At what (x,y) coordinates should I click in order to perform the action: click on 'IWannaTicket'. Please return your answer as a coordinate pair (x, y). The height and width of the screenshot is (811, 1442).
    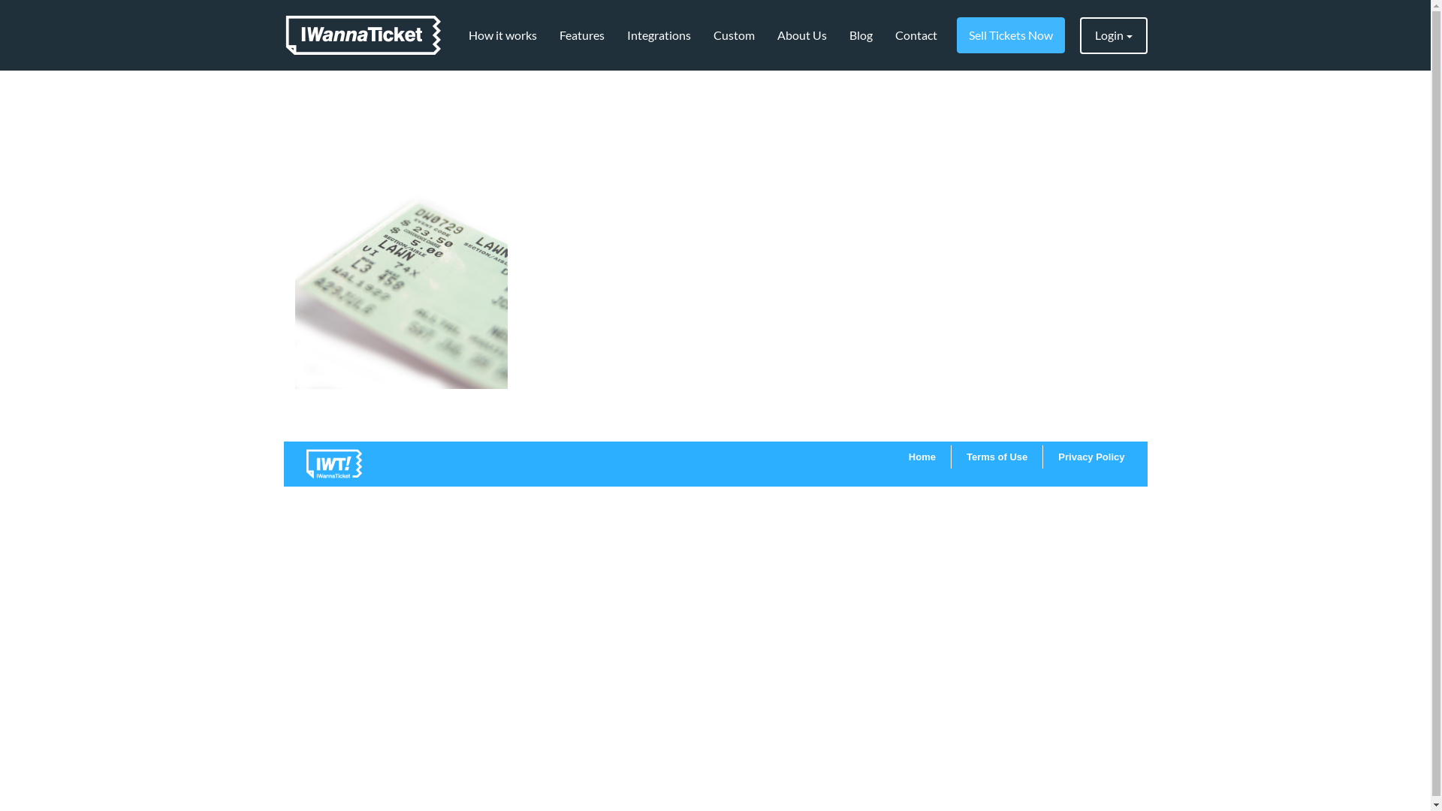
    Looking at the image, I should click on (284, 34).